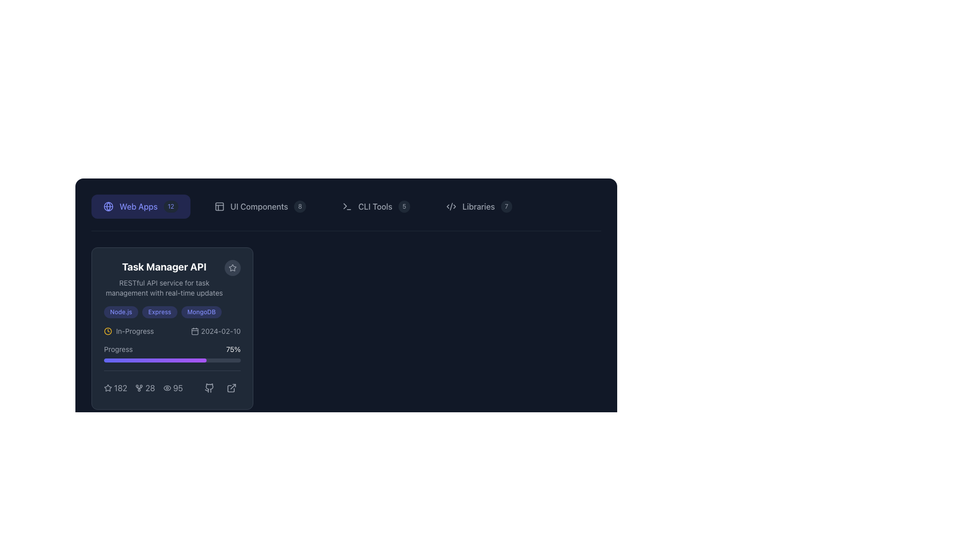 This screenshot has width=965, height=543. Describe the element at coordinates (138, 206) in the screenshot. I see `the 'Web Apps' text label within the button located in the top navigation bar` at that location.